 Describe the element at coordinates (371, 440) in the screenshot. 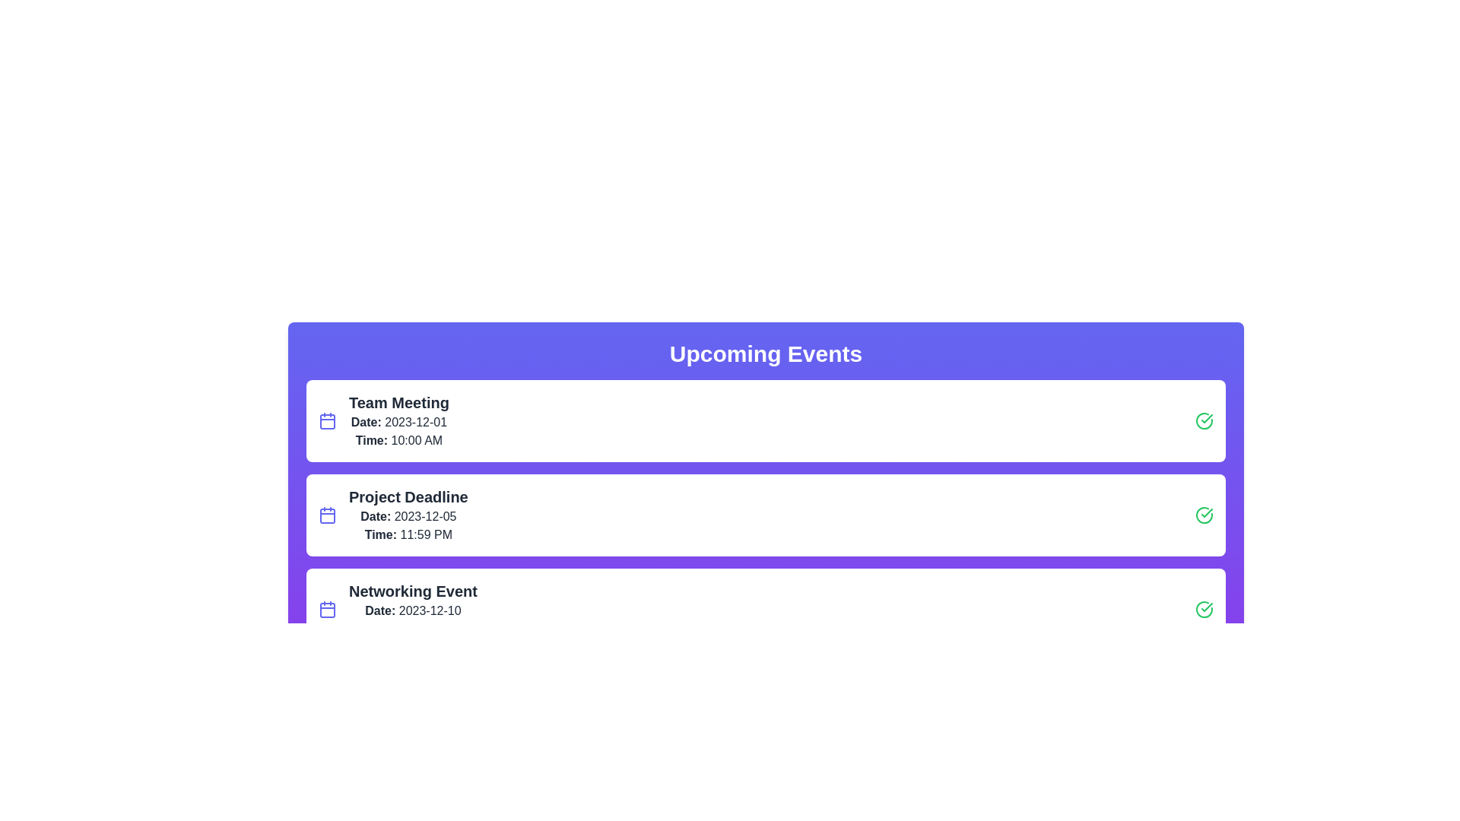

I see `the Text Label that provides context for the time representation in the 'Team Meeting' event card, located beneath the 'Date:' field and above the time value '10:00 AM'` at that location.